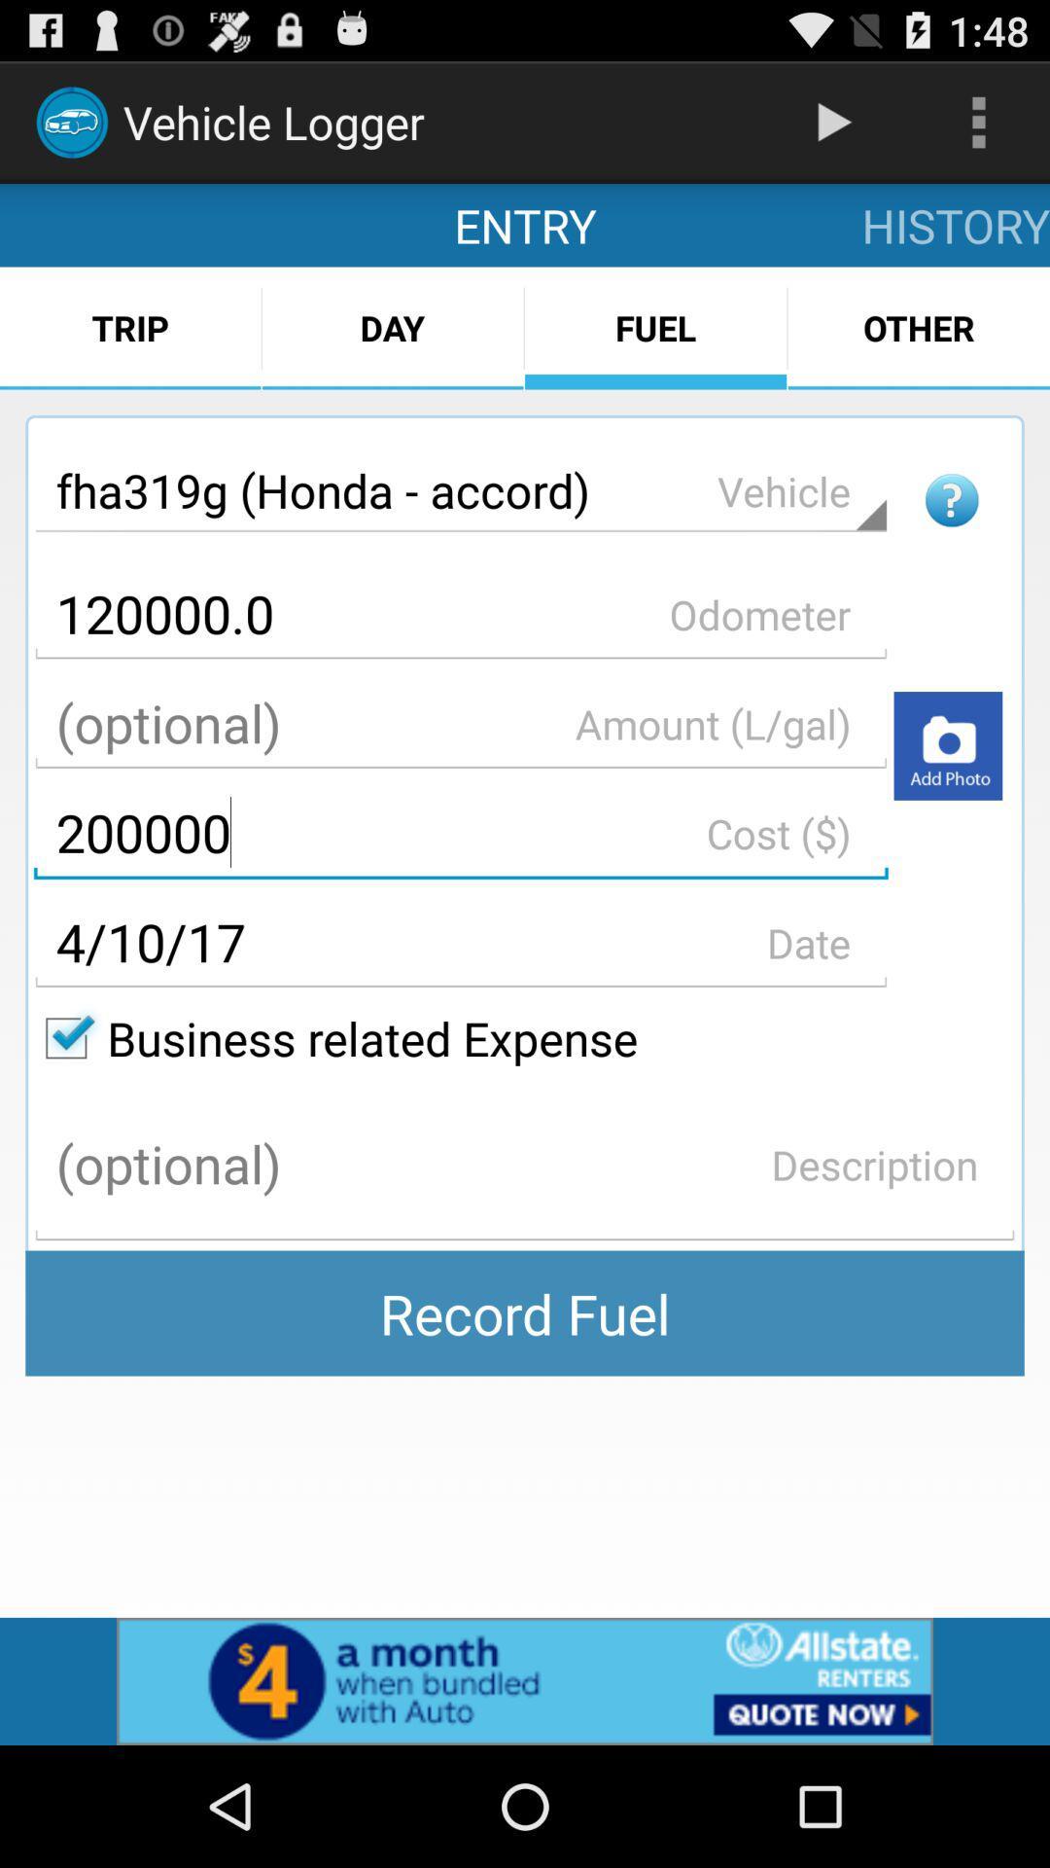  I want to click on amount, so click(461, 723).